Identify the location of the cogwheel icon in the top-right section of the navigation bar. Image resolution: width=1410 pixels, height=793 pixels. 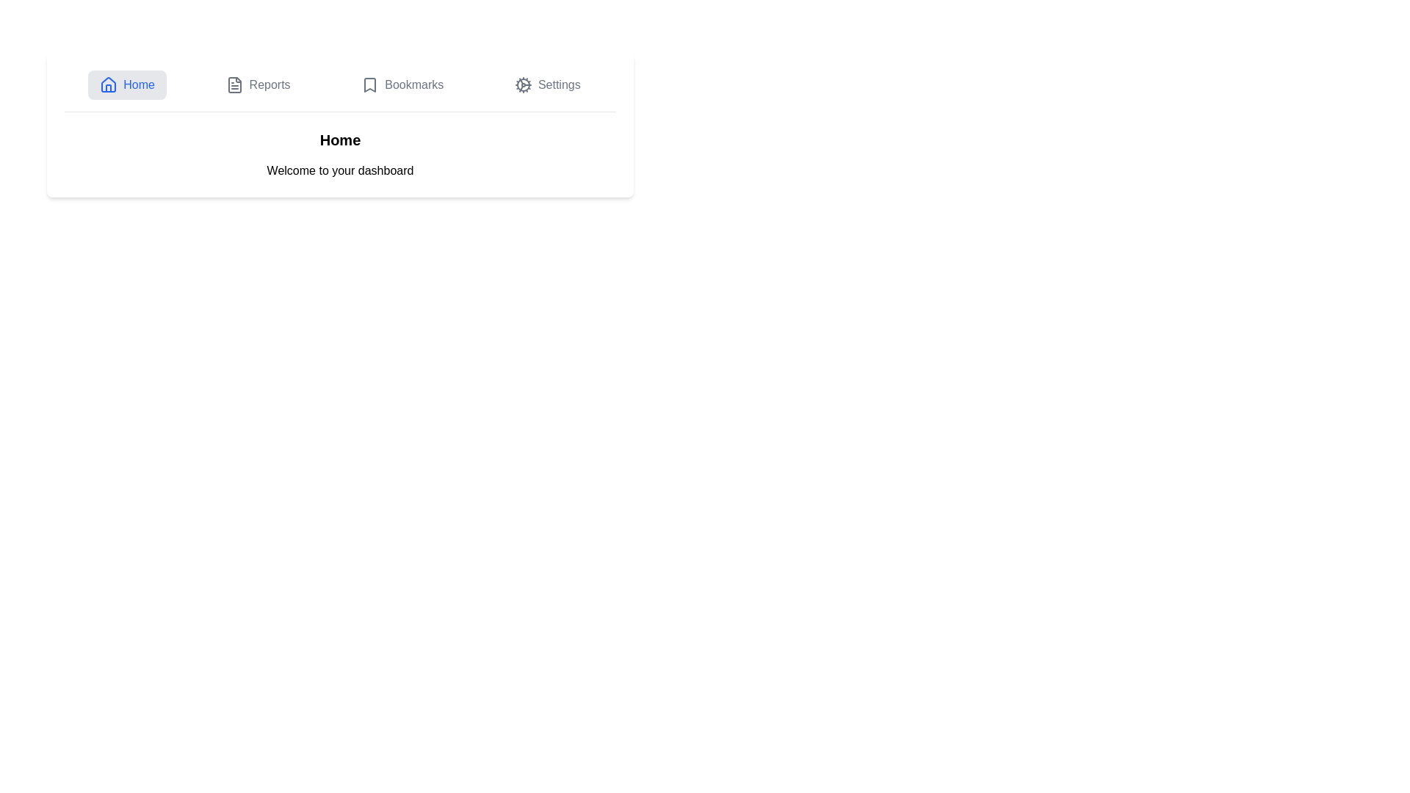
(523, 84).